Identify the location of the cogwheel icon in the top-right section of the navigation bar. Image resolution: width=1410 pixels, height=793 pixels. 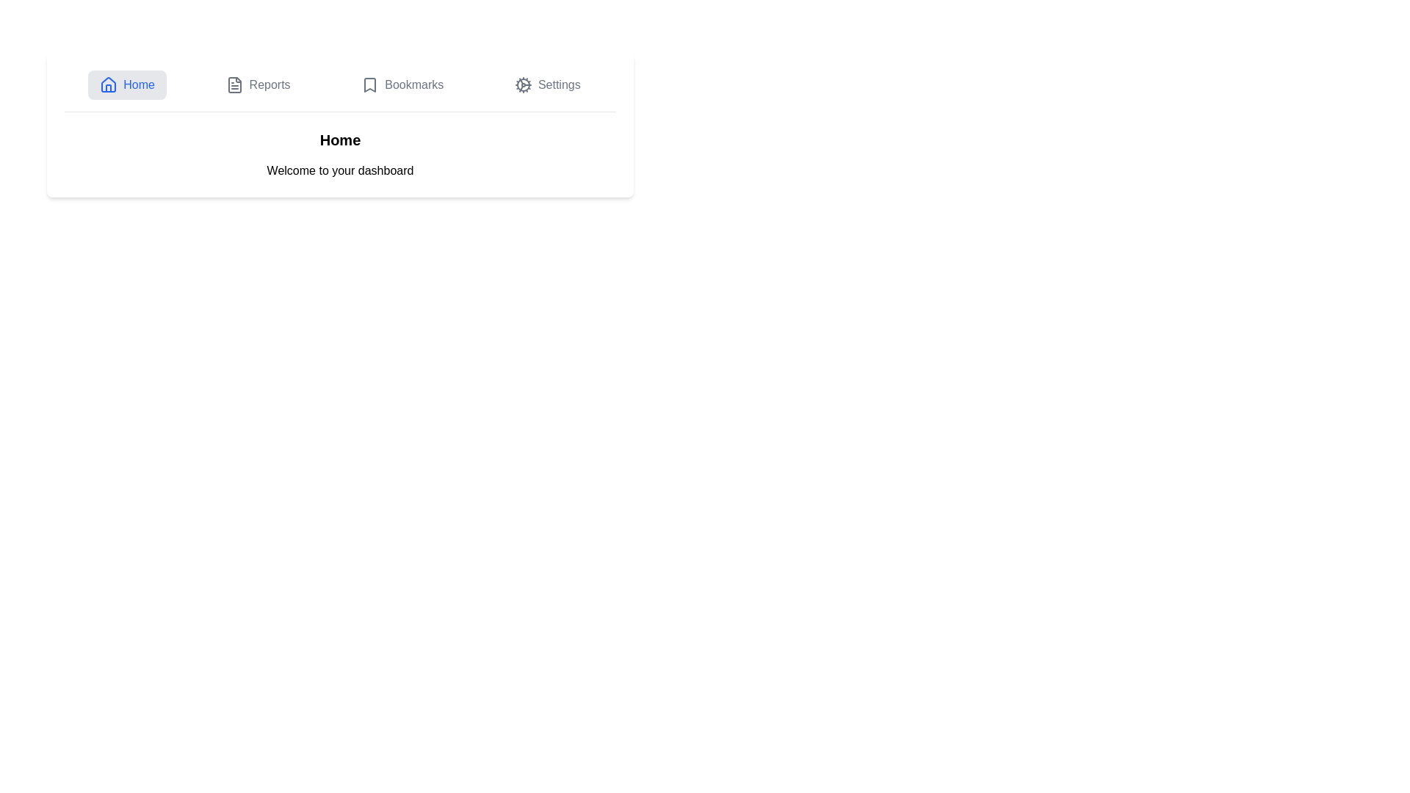
(523, 84).